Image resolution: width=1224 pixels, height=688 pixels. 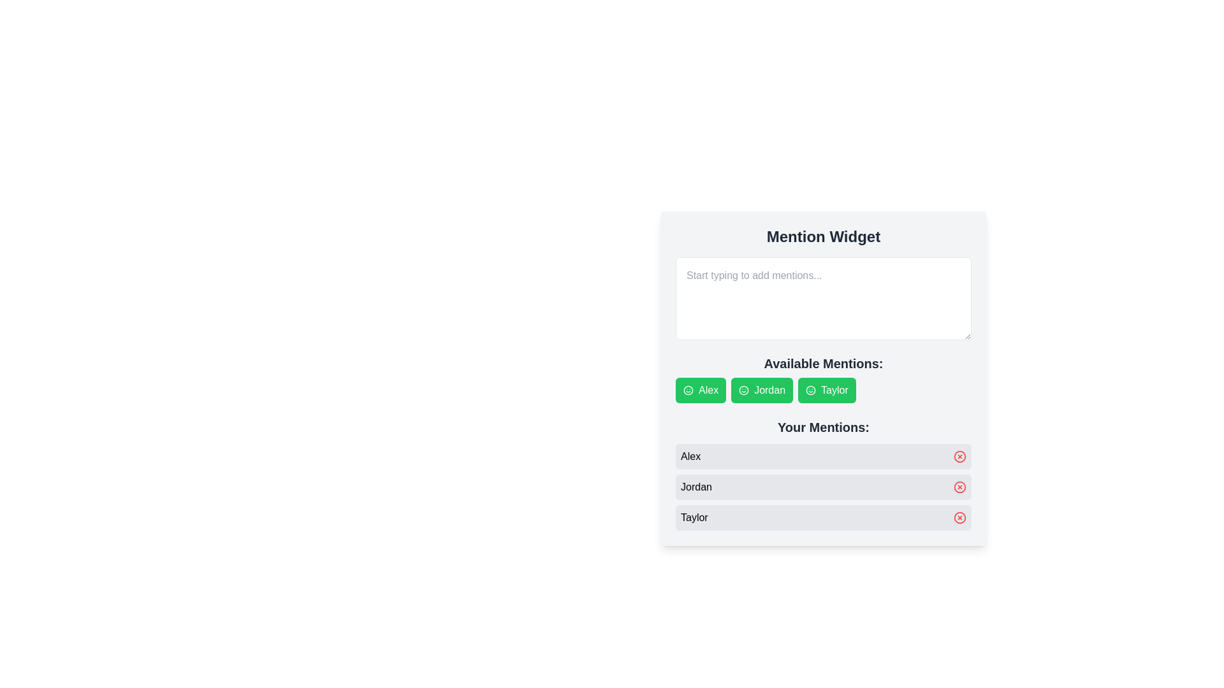 I want to click on the third green button under the 'Available Mentions' header, so click(x=823, y=378).